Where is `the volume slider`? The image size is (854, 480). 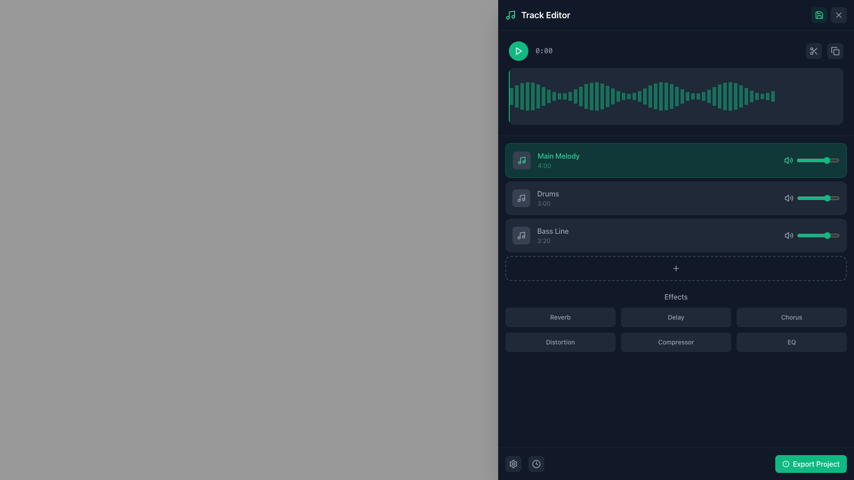
the volume slider is located at coordinates (803, 235).